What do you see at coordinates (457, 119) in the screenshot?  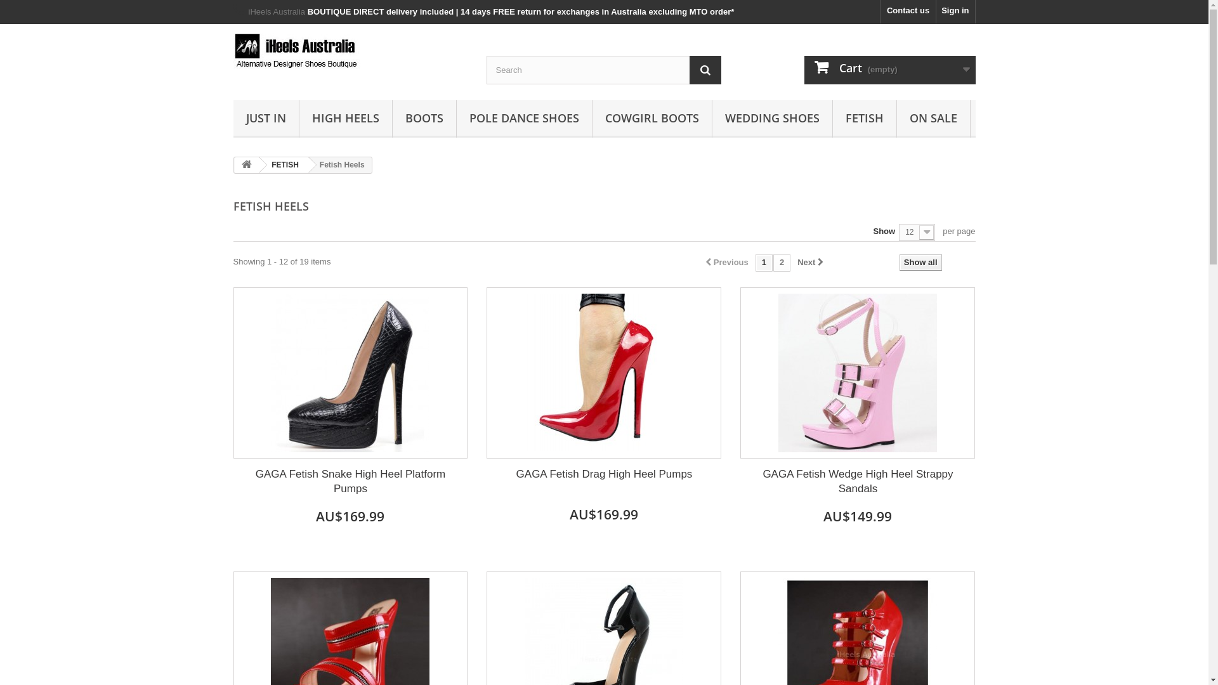 I see `'POLE DANCE SHOES'` at bounding box center [457, 119].